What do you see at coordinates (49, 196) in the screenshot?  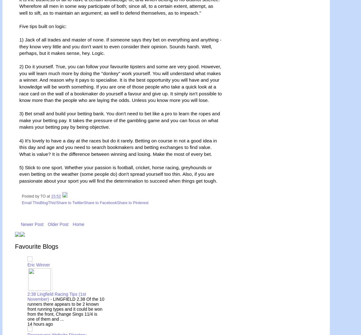 I see `'at'` at bounding box center [49, 196].